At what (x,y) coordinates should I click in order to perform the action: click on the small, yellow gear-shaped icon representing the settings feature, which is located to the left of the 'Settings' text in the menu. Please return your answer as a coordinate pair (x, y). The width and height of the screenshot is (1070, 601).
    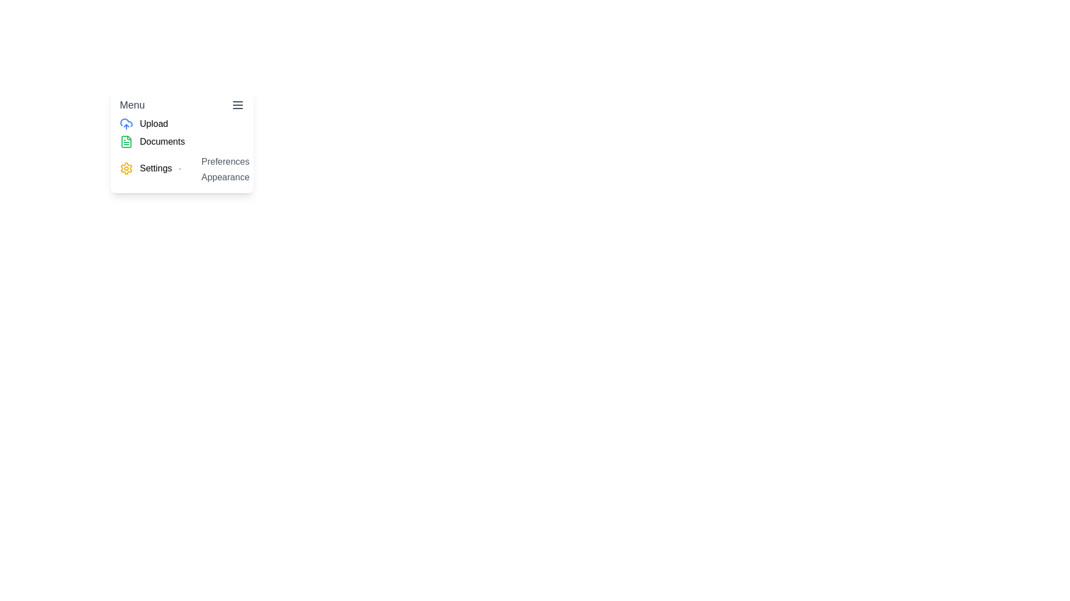
    Looking at the image, I should click on (126, 169).